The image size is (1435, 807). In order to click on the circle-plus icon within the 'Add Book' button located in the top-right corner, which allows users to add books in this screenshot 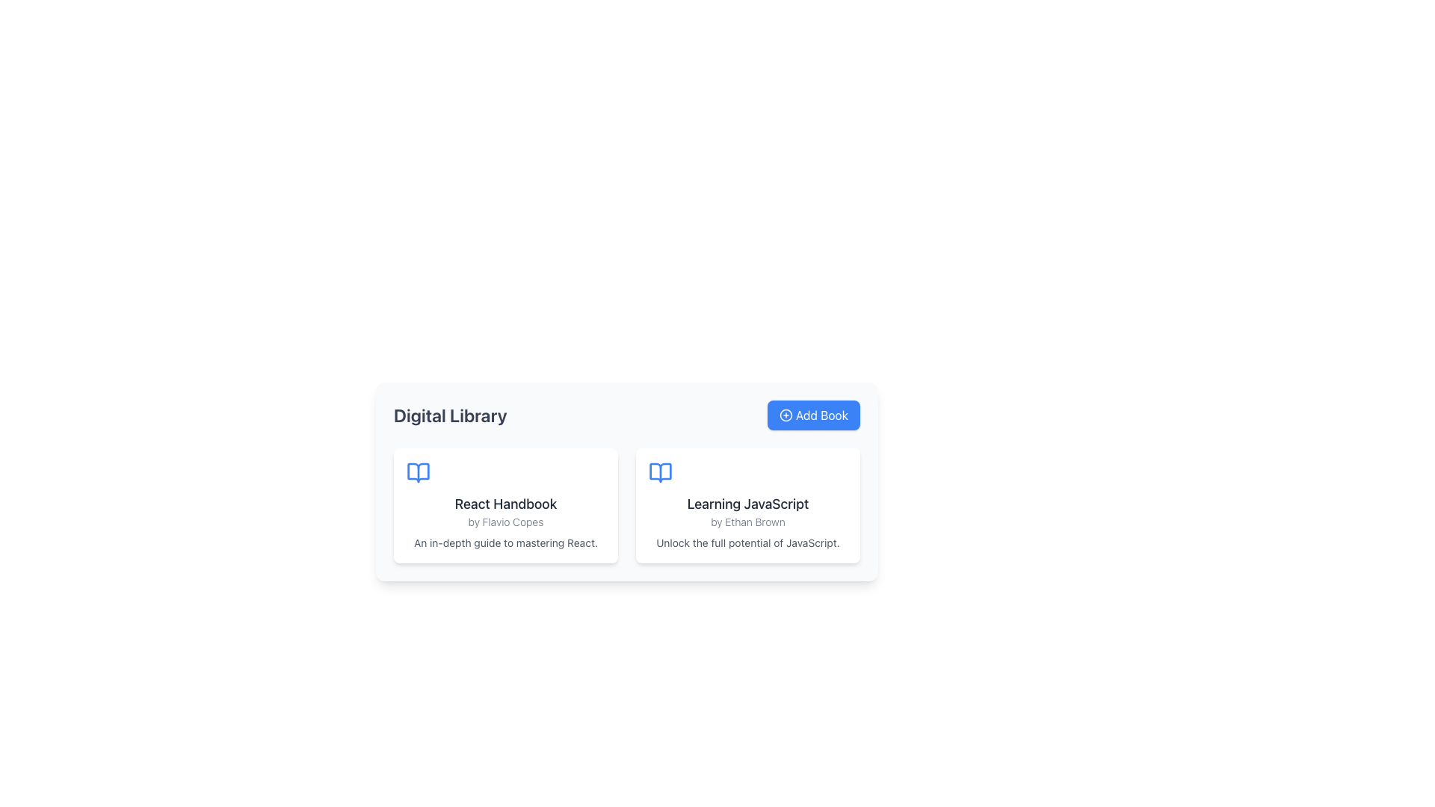, I will do `click(785, 415)`.